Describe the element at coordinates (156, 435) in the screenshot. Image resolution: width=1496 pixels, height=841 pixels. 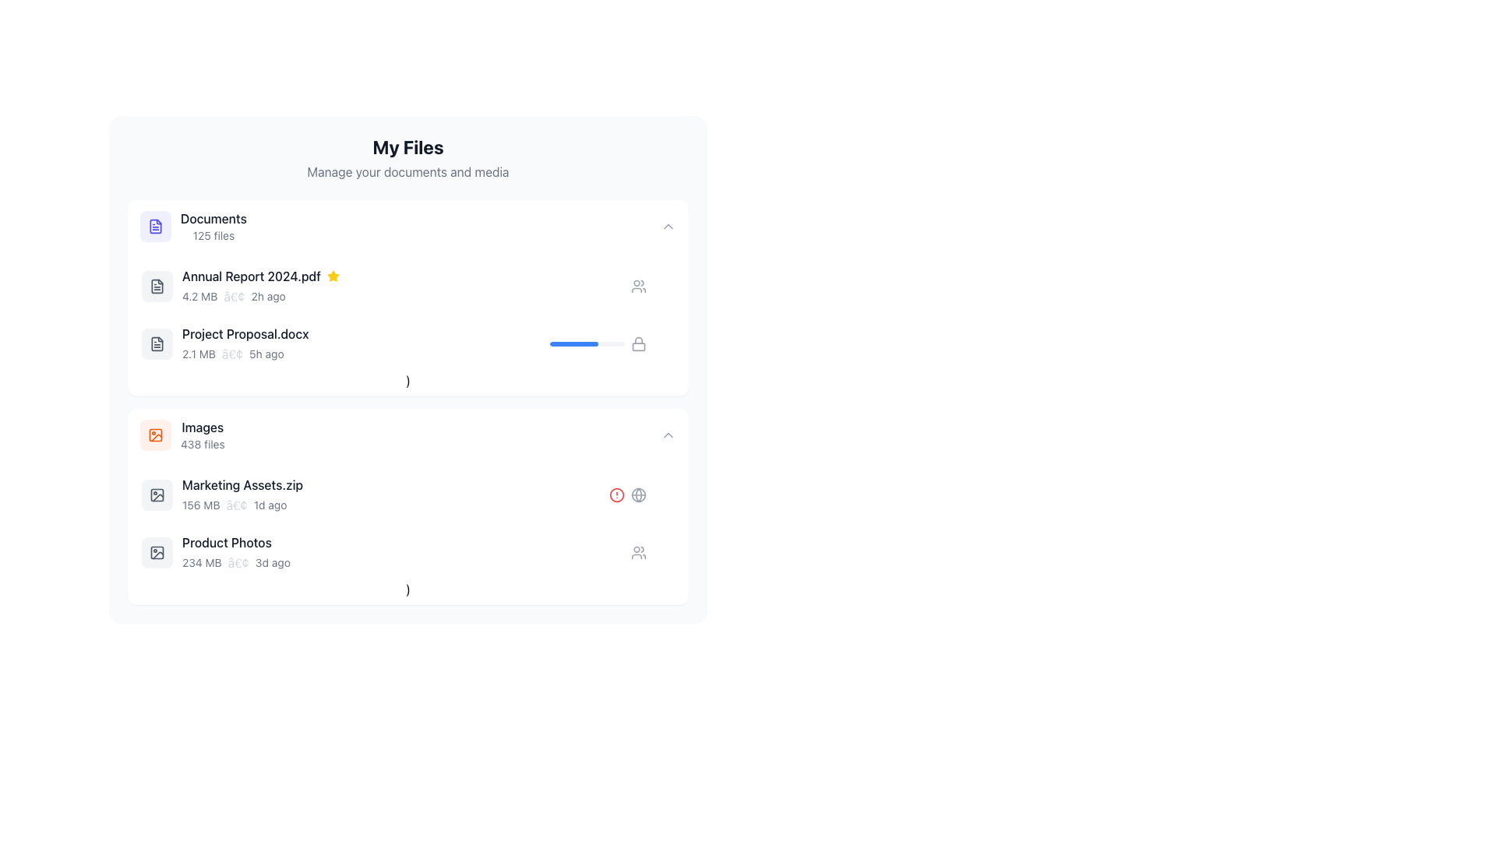
I see `the 'Images' icon located at the leftmost side of the 'Images' section under the 'My Files' list, which represents the folder for image-related files` at that location.